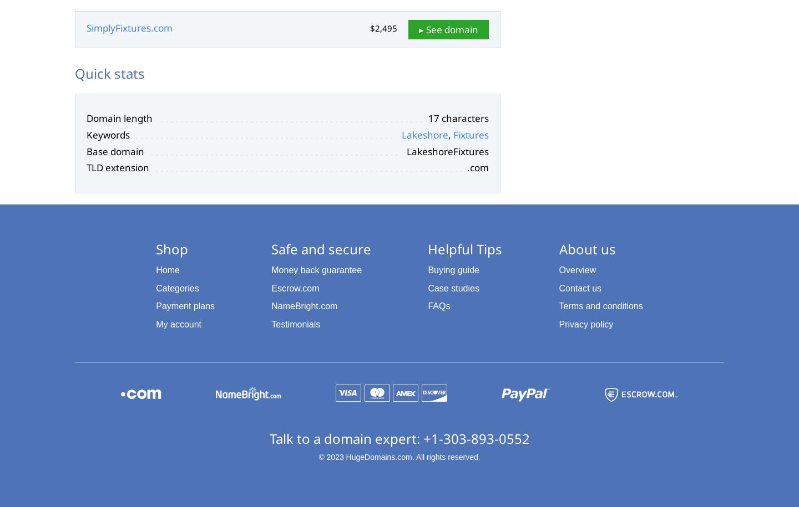  What do you see at coordinates (558, 269) in the screenshot?
I see `'Overview'` at bounding box center [558, 269].